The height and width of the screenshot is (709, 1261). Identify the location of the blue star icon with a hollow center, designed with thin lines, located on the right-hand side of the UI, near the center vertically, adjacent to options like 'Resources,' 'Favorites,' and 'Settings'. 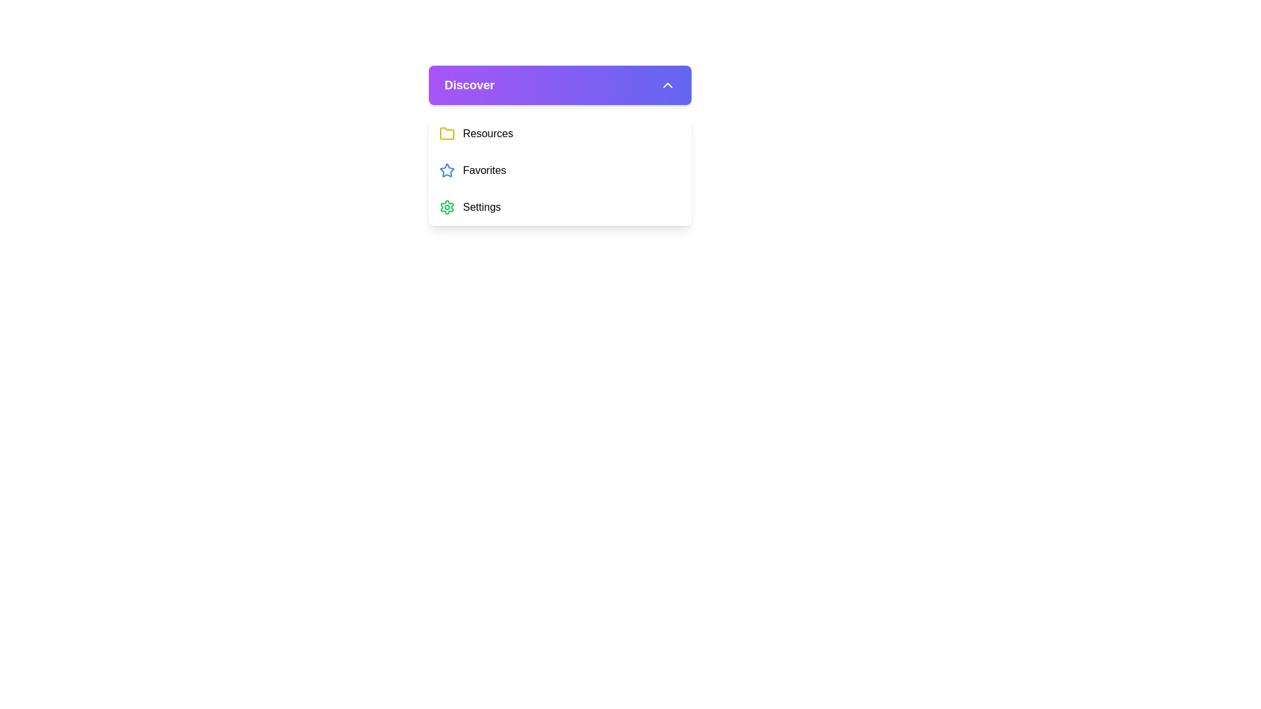
(447, 169).